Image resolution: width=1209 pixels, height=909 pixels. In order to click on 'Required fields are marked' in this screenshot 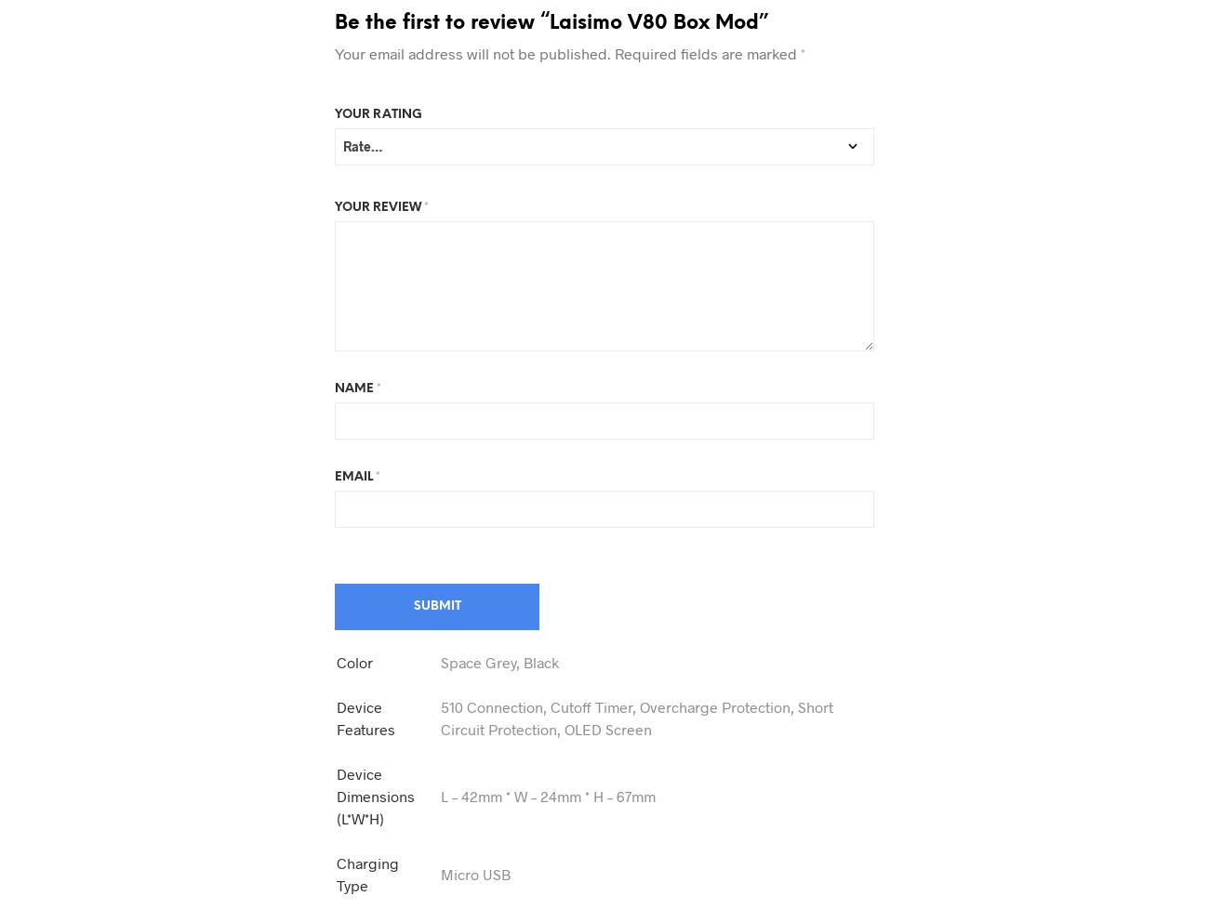, I will do `click(705, 52)`.